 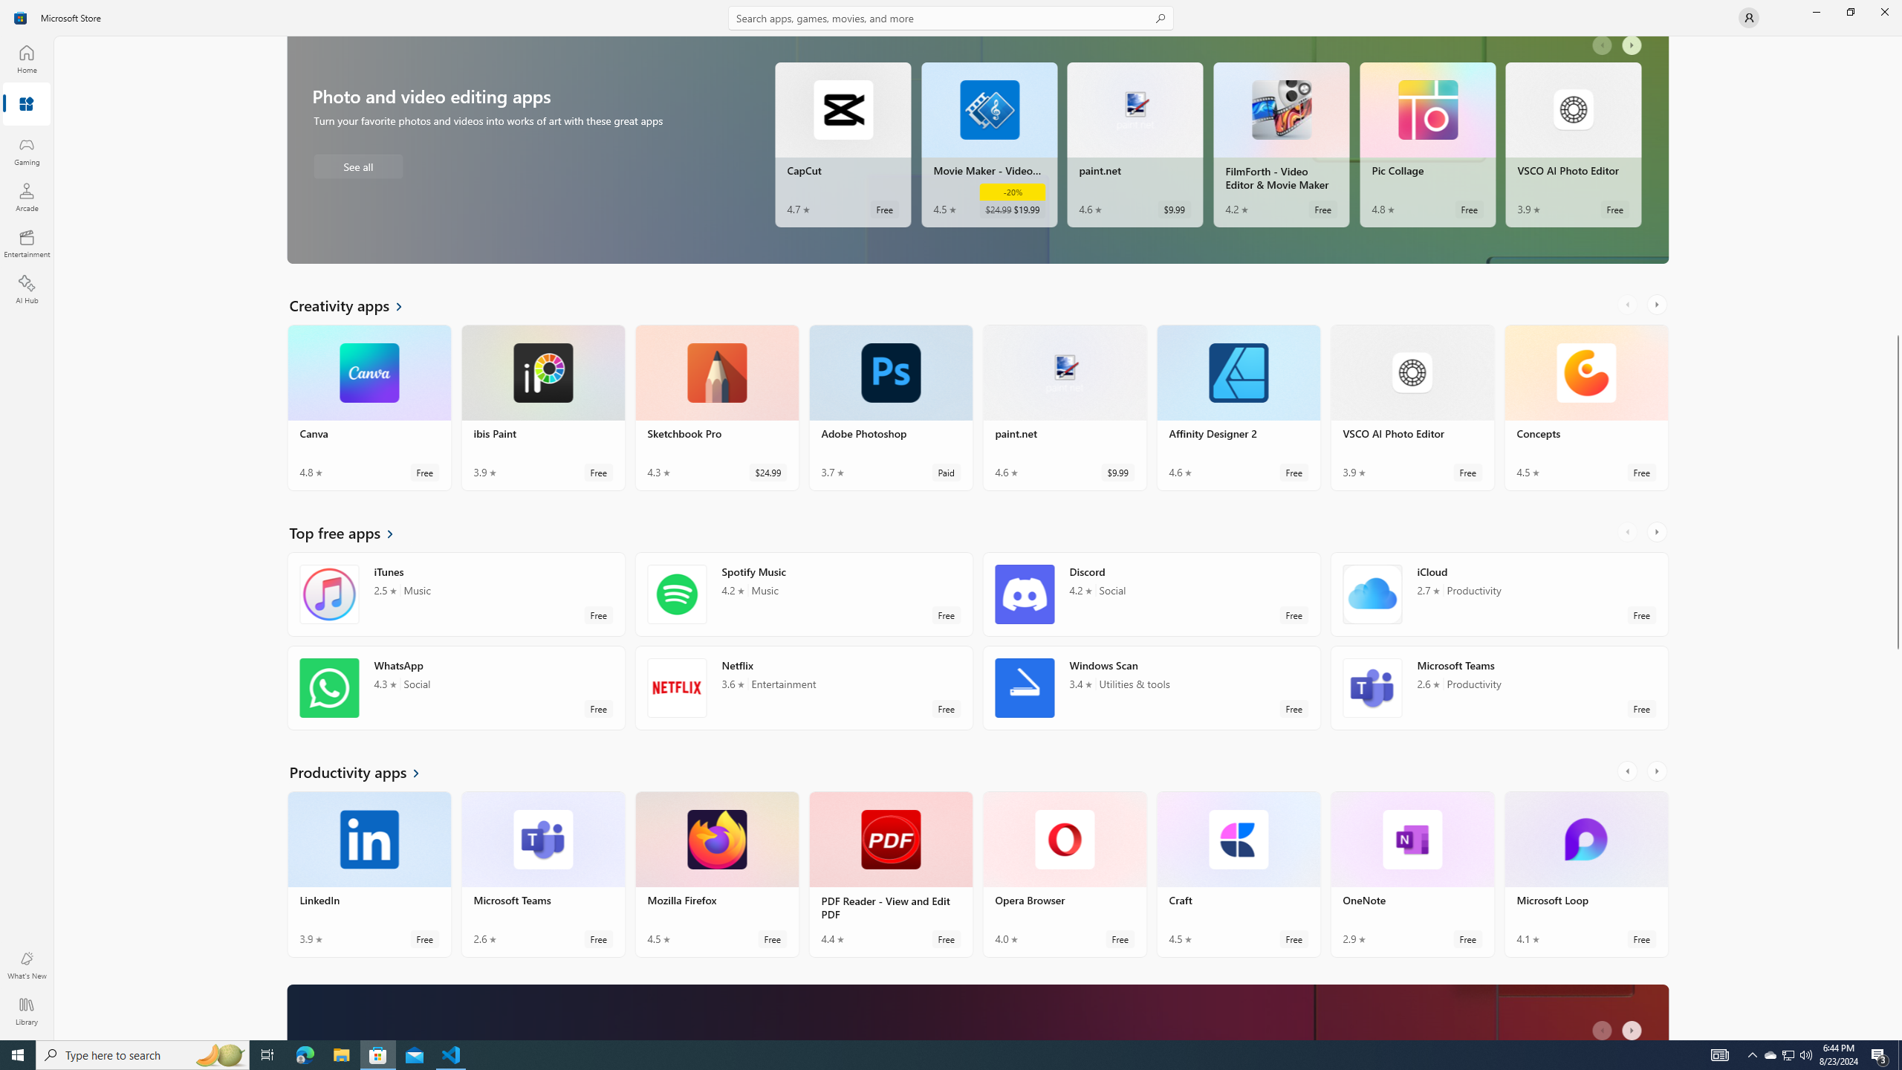 I want to click on 'See all  Productivity apps', so click(x=363, y=771).